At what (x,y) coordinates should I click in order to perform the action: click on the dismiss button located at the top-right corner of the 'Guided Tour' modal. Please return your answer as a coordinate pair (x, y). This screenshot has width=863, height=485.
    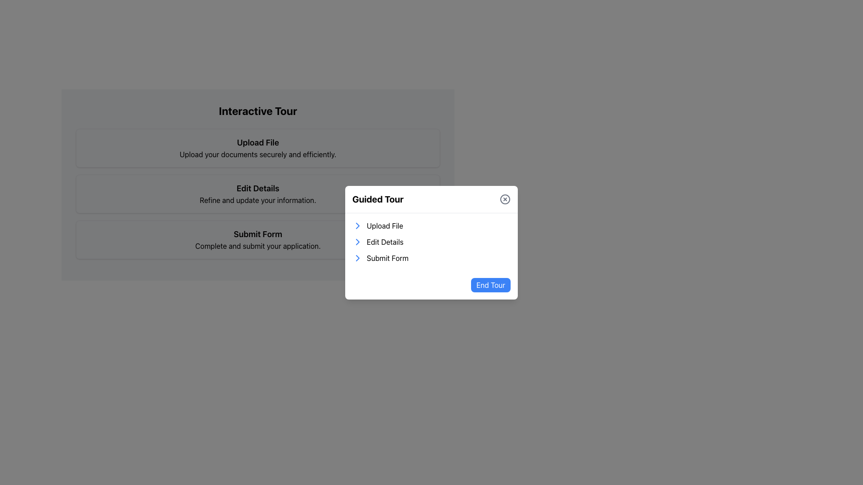
    Looking at the image, I should click on (505, 198).